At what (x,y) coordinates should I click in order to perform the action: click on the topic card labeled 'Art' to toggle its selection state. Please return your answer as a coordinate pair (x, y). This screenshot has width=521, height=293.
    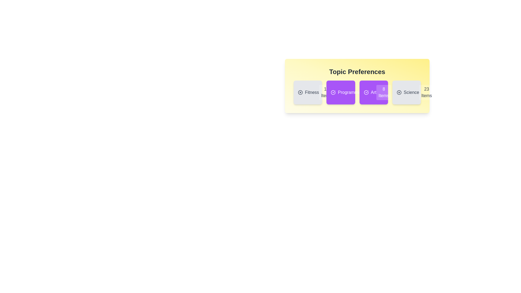
    Looking at the image, I should click on (373, 92).